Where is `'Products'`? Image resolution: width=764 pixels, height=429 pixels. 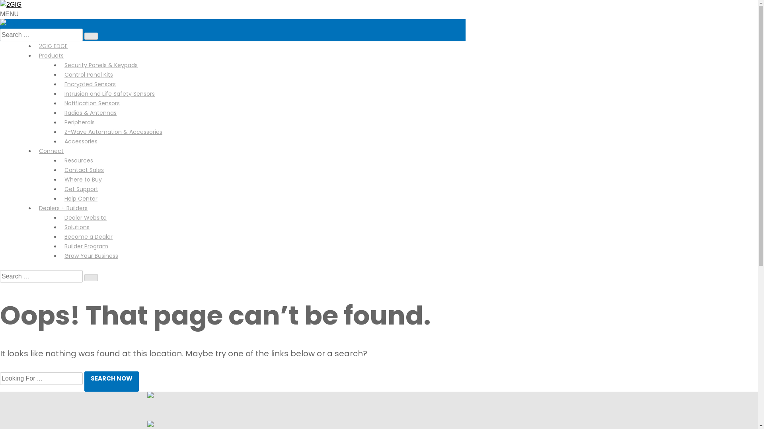 'Products' is located at coordinates (51, 55).